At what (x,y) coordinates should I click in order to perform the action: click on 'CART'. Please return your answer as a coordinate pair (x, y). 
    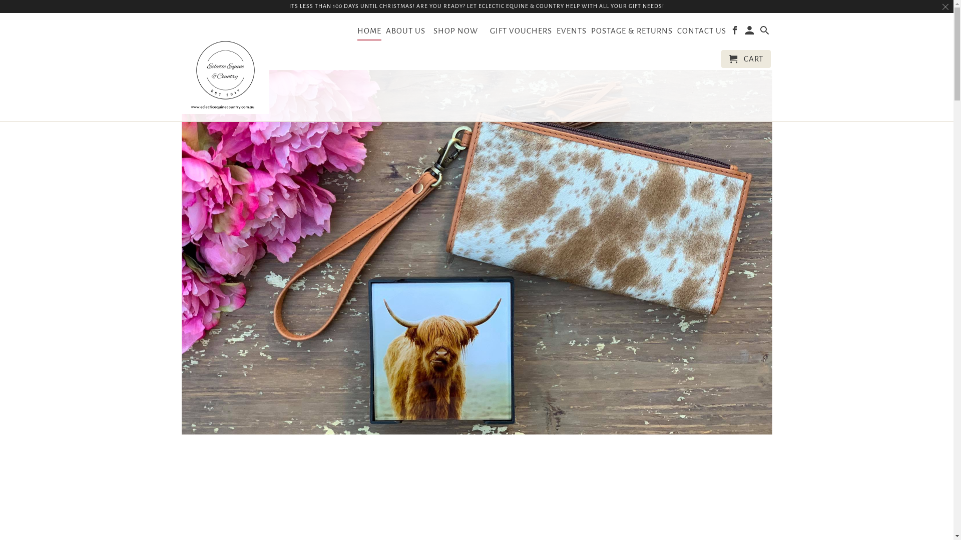
    Looking at the image, I should click on (746, 59).